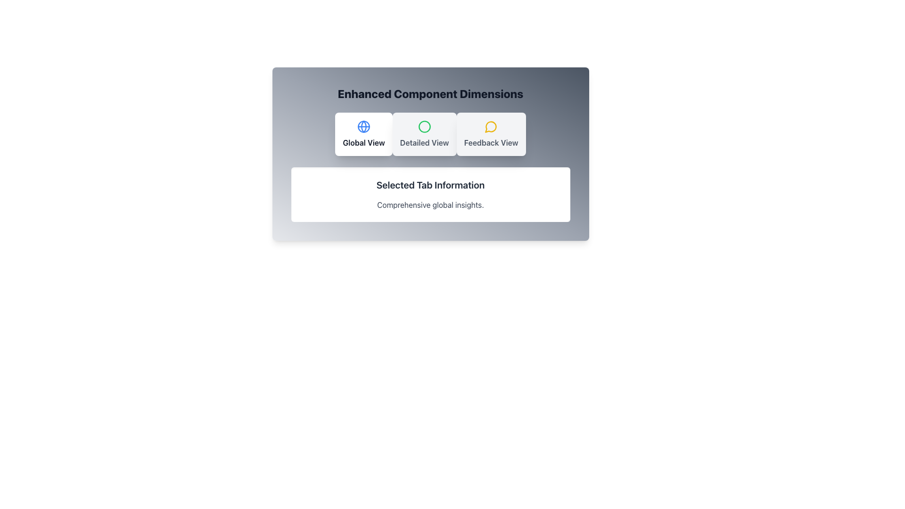 The image size is (905, 509). I want to click on the Circle graphical element that represents the central part of the globe illustration within the 'Global View' tab, so click(363, 126).